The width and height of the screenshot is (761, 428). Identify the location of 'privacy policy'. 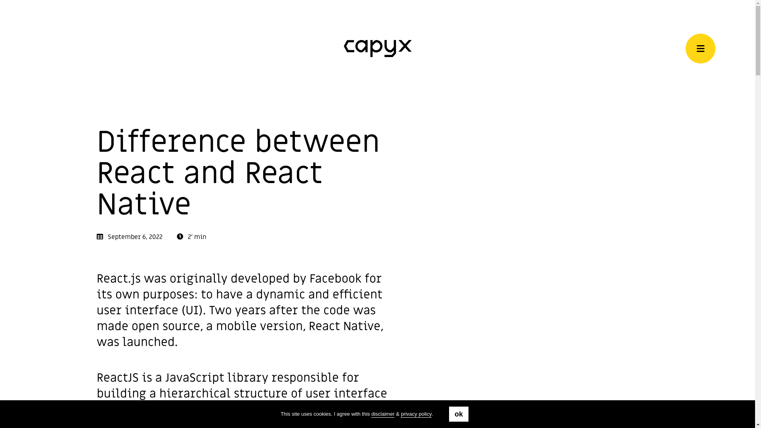
(416, 414).